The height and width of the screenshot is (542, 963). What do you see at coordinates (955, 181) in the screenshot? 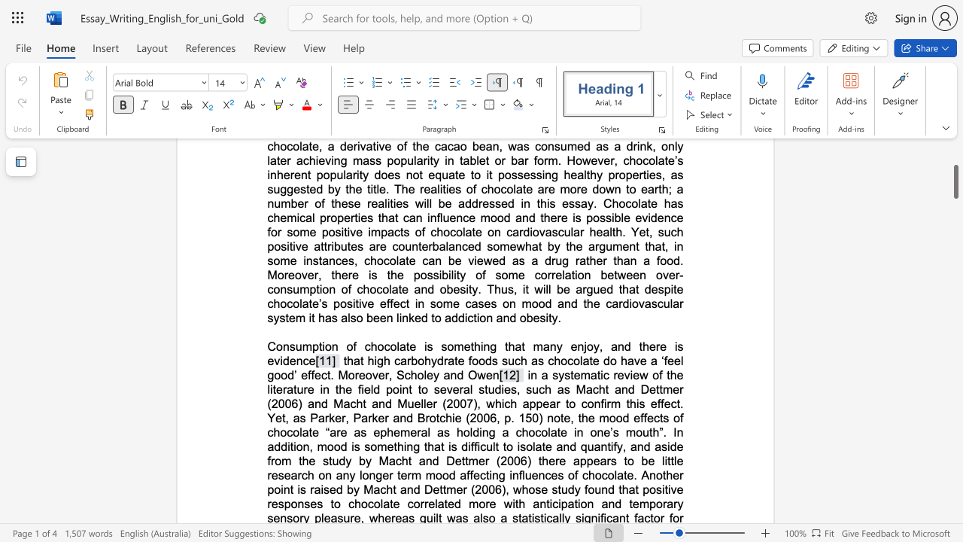
I see `the scrollbar and move up 160 pixels` at bounding box center [955, 181].